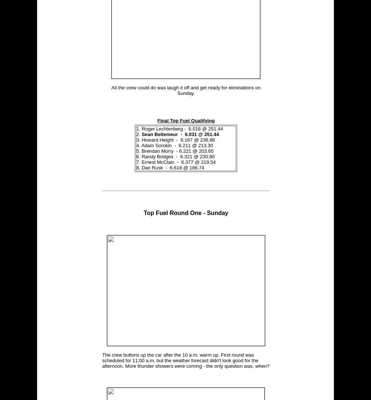  What do you see at coordinates (138, 134) in the screenshot?
I see `'2.'` at bounding box center [138, 134].